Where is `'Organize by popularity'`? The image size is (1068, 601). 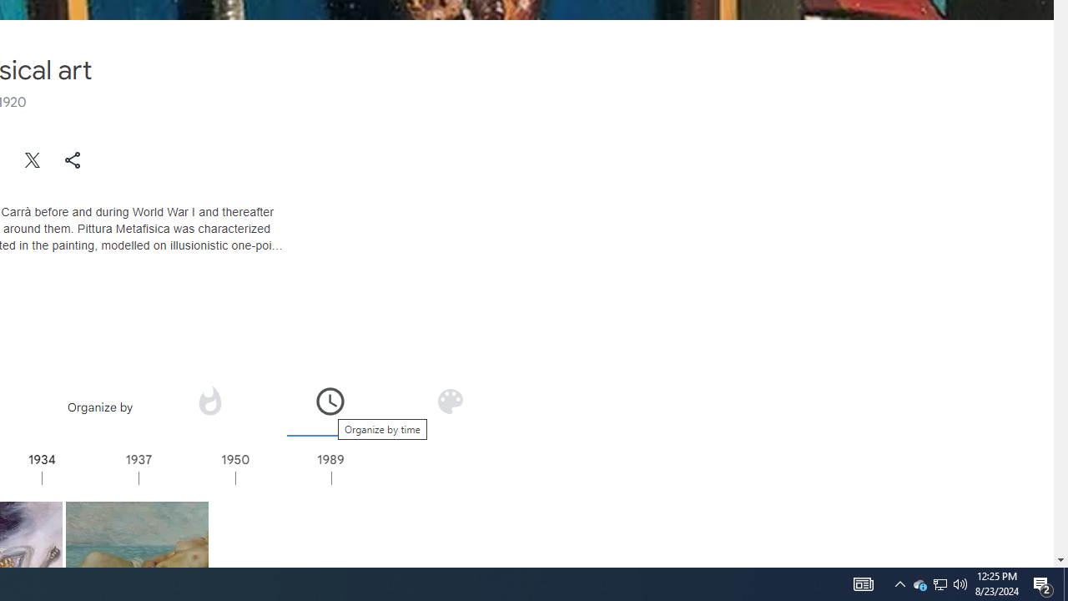
'Organize by popularity' is located at coordinates (209, 407).